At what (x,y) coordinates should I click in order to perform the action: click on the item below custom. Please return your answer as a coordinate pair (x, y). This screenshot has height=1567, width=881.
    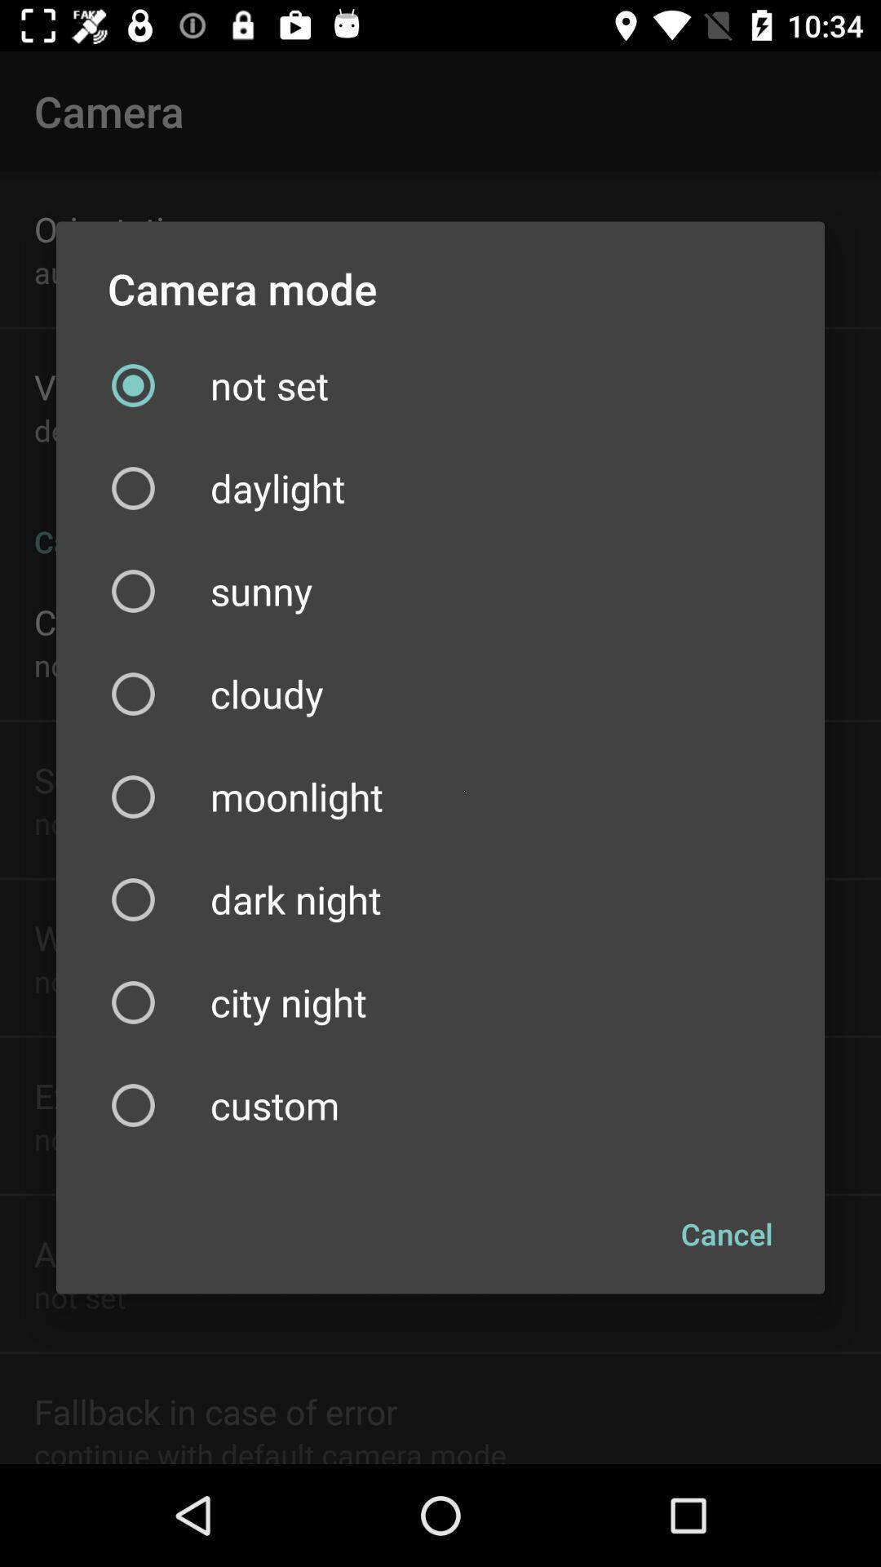
    Looking at the image, I should click on (726, 1234).